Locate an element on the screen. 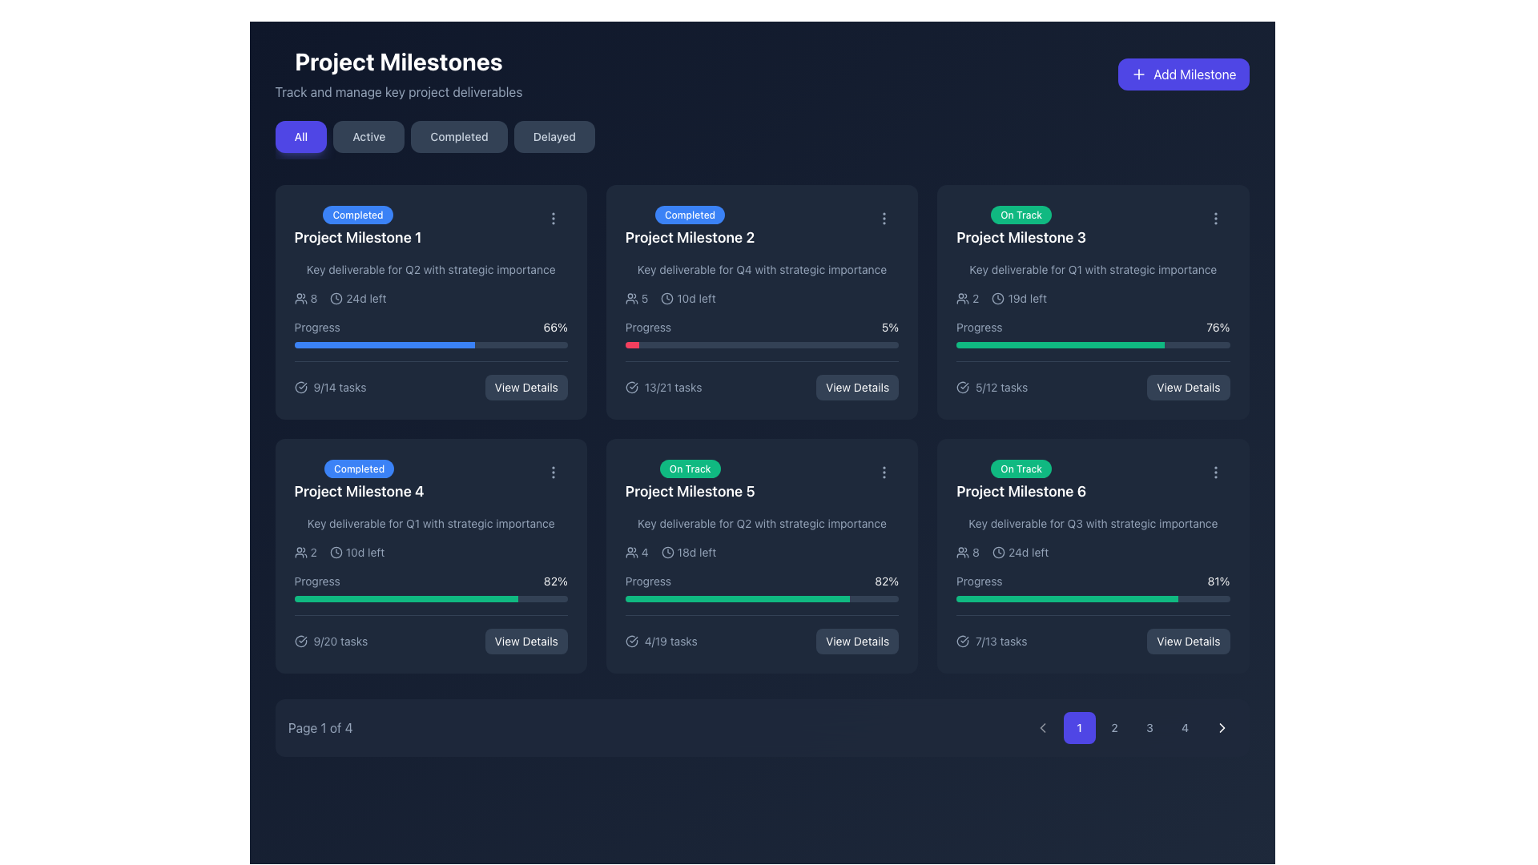 The image size is (1538, 865). text '81%' displayed in white font on a dark background, part of the progress indicator in the 'Progress' section of the card labeled 'Project Milestone 6' is located at coordinates (1218, 581).